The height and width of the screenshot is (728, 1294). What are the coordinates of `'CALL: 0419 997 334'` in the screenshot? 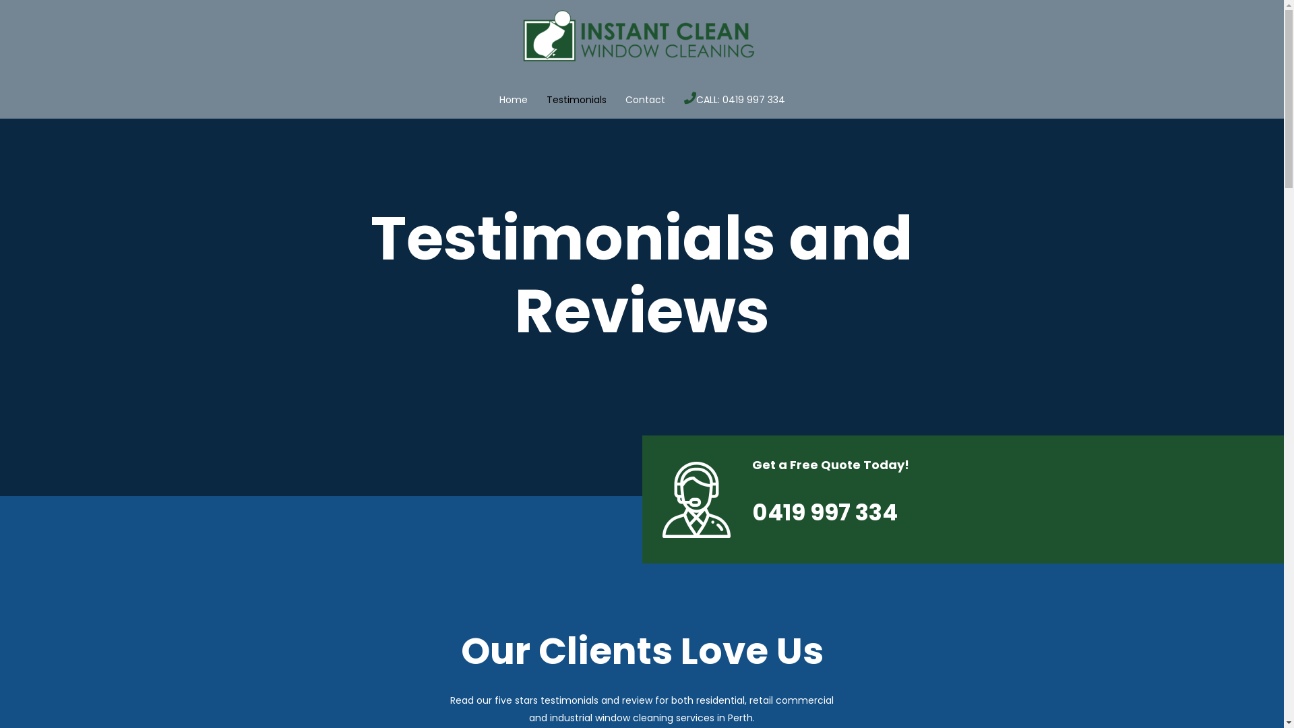 It's located at (739, 98).